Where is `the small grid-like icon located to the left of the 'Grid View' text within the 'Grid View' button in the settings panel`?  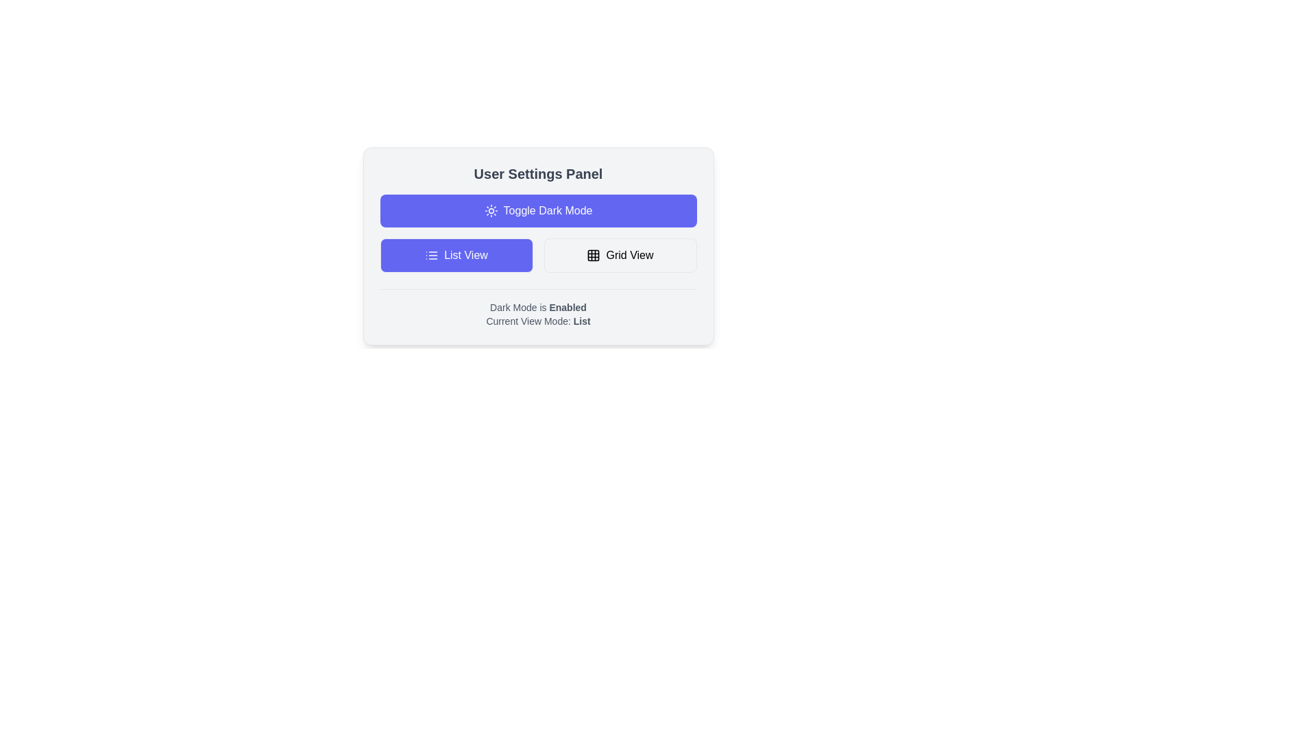 the small grid-like icon located to the left of the 'Grid View' text within the 'Grid View' button in the settings panel is located at coordinates (594, 256).